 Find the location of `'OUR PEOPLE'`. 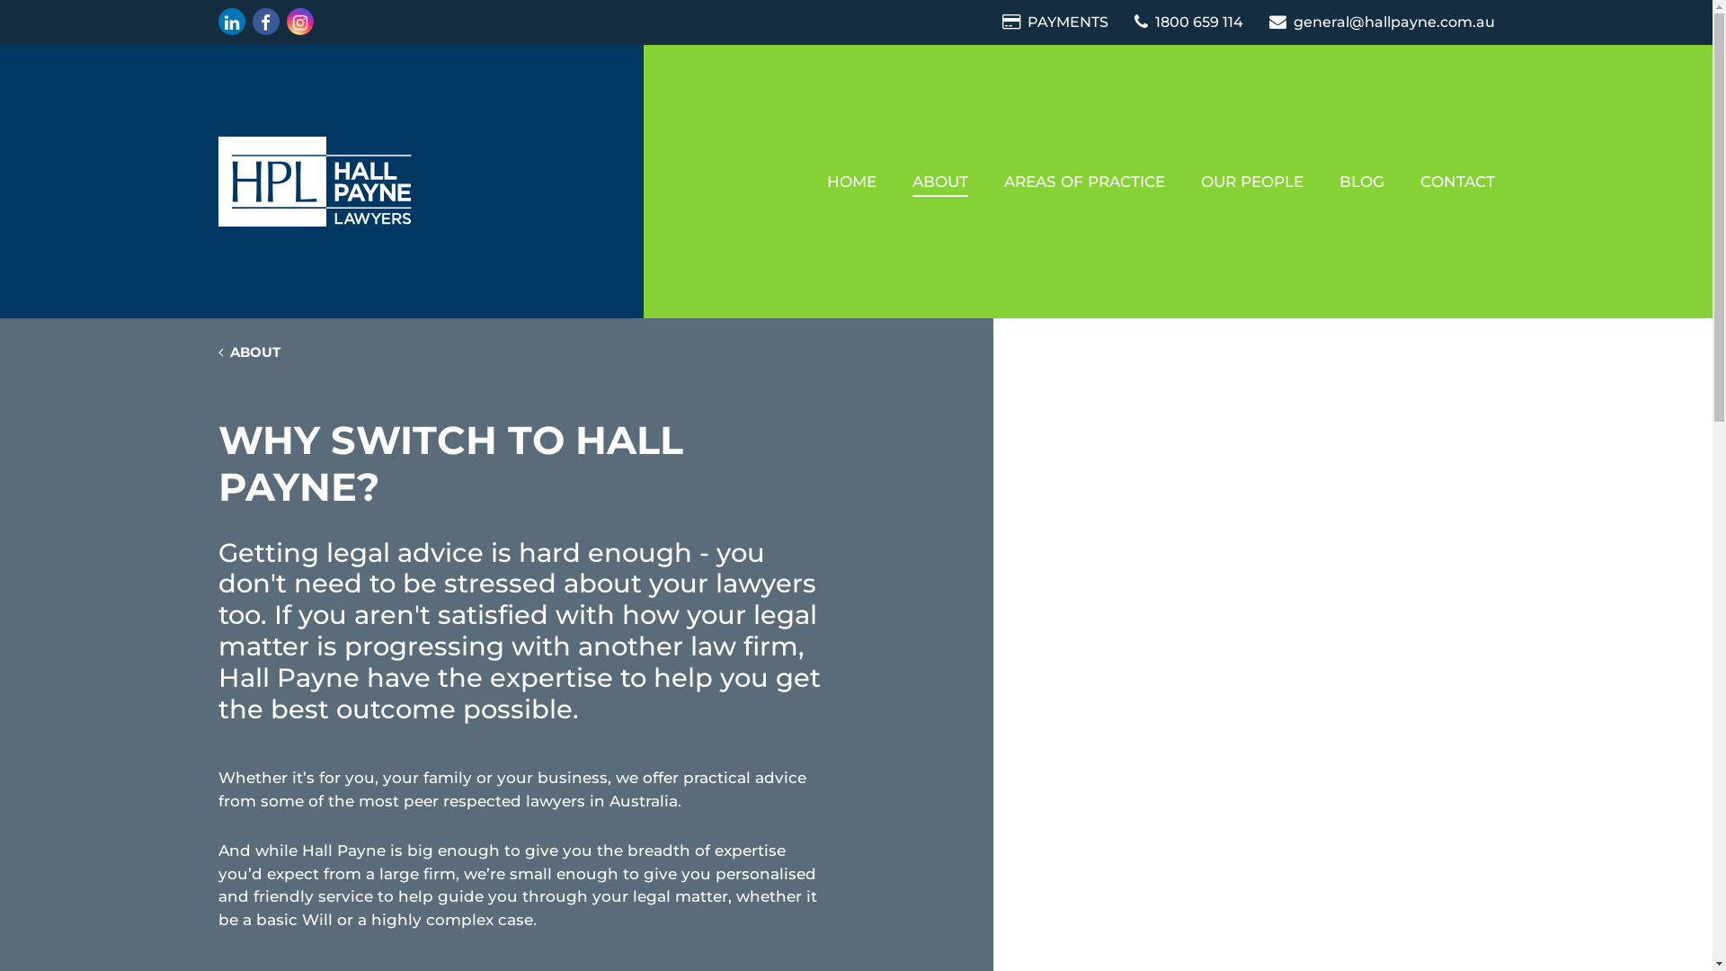

'OUR PEOPLE' is located at coordinates (1250, 181).